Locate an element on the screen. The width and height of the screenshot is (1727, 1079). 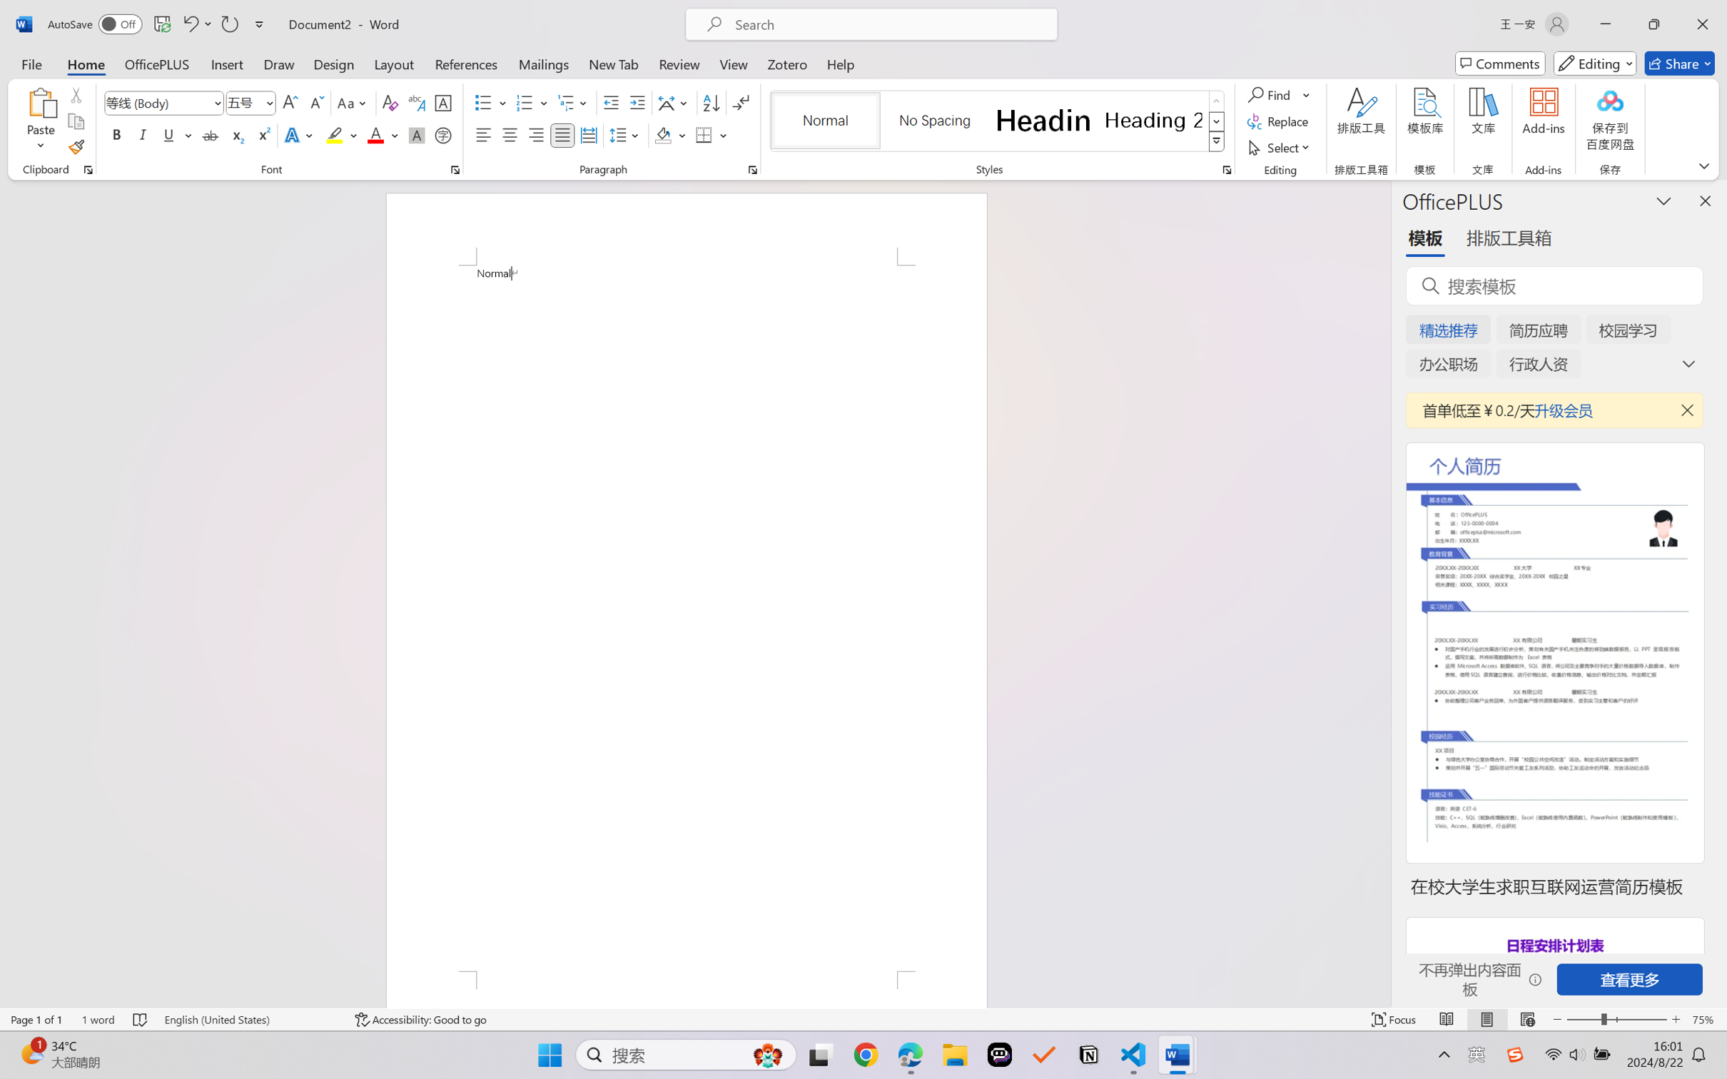
'Home' is located at coordinates (86, 63).